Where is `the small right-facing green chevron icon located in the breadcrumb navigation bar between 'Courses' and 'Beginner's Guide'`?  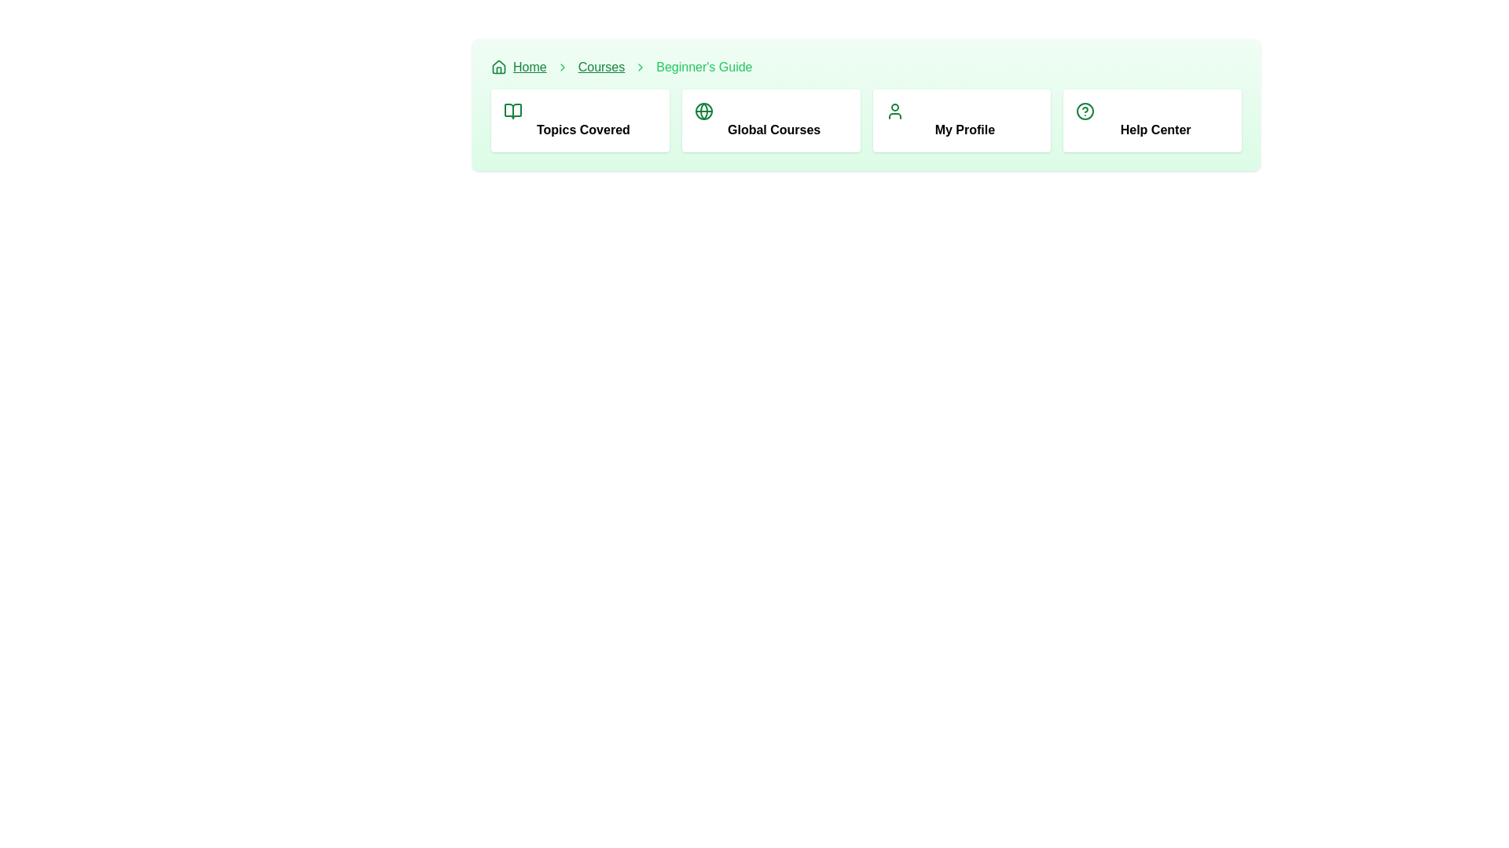 the small right-facing green chevron icon located in the breadcrumb navigation bar between 'Courses' and 'Beginner's Guide' is located at coordinates (641, 66).